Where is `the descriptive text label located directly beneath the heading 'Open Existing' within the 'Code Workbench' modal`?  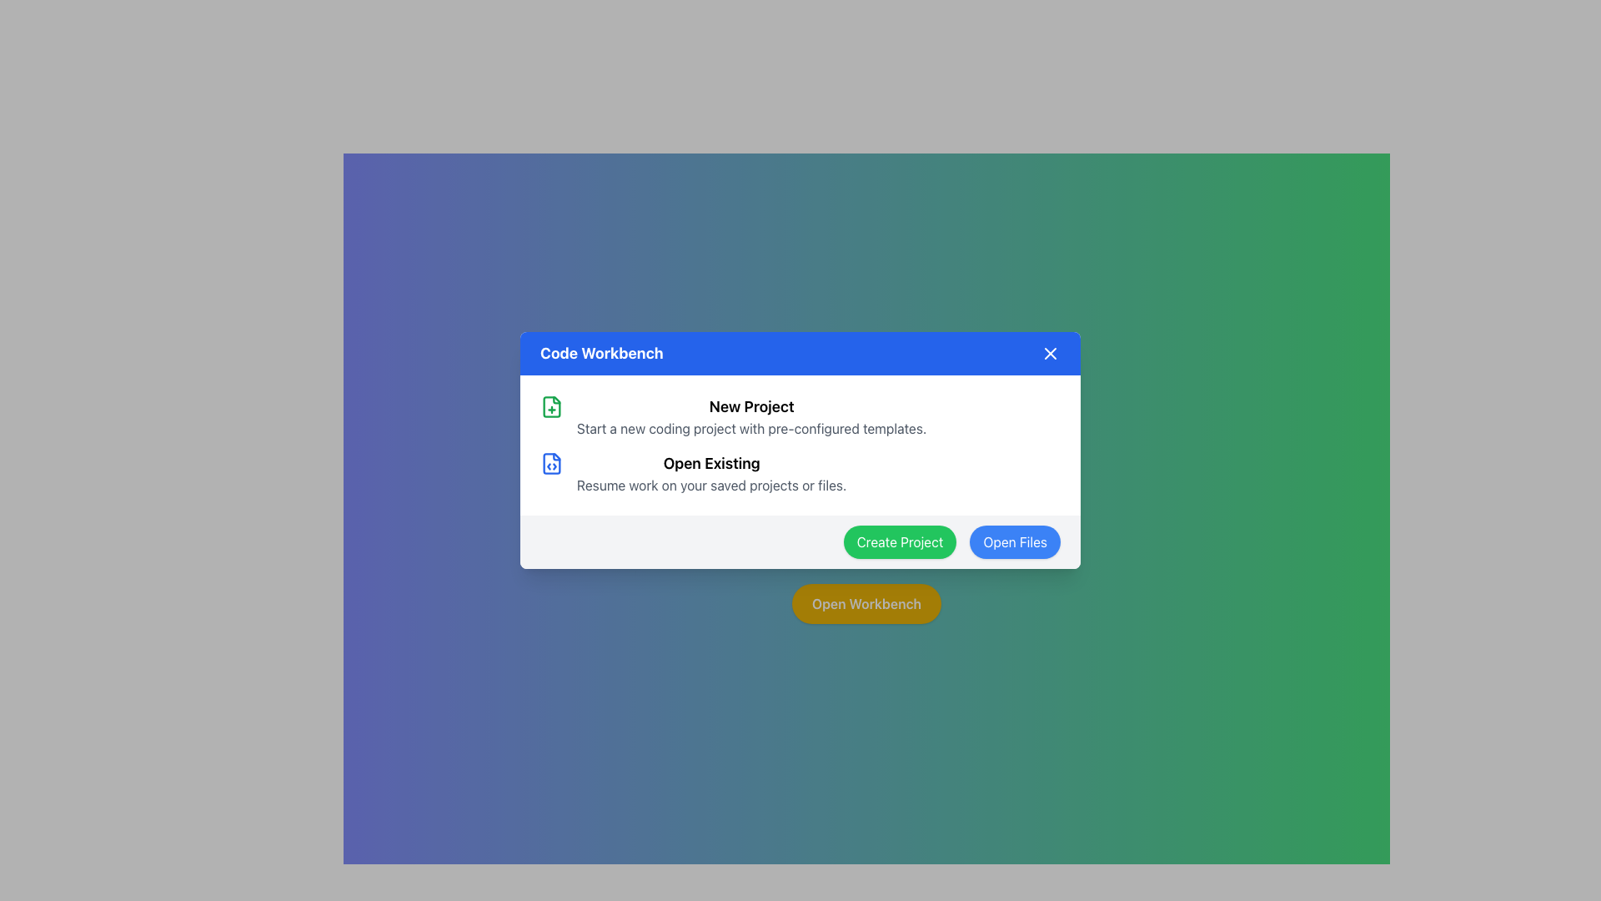
the descriptive text label located directly beneath the heading 'Open Existing' within the 'Code Workbench' modal is located at coordinates (711, 486).